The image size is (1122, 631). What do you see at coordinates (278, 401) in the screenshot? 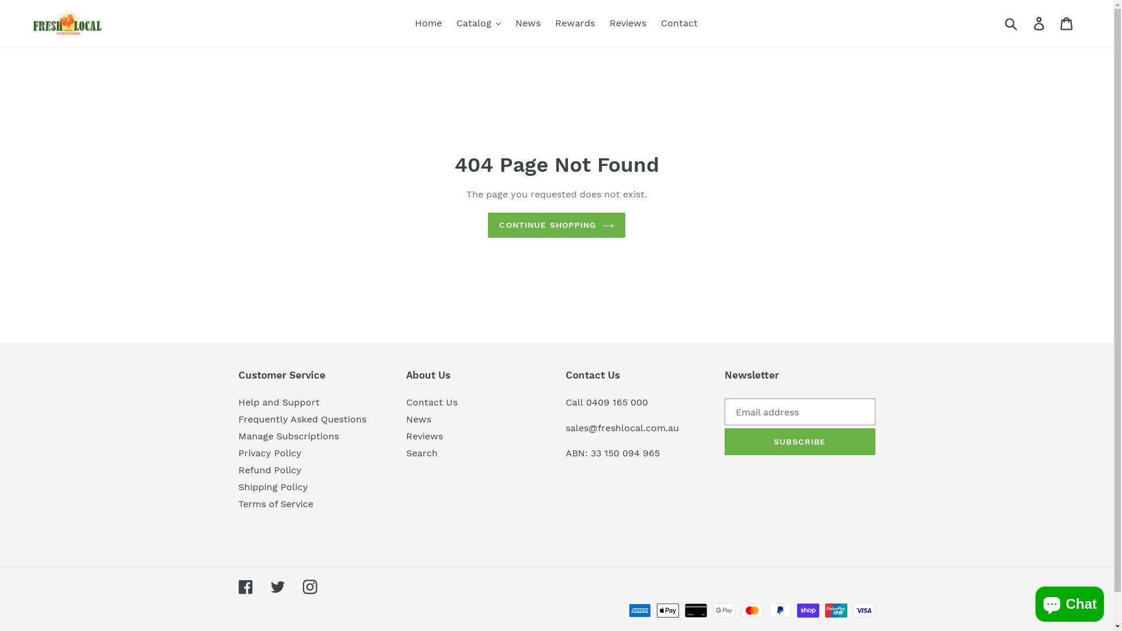
I see `'Help and Support'` at bounding box center [278, 401].